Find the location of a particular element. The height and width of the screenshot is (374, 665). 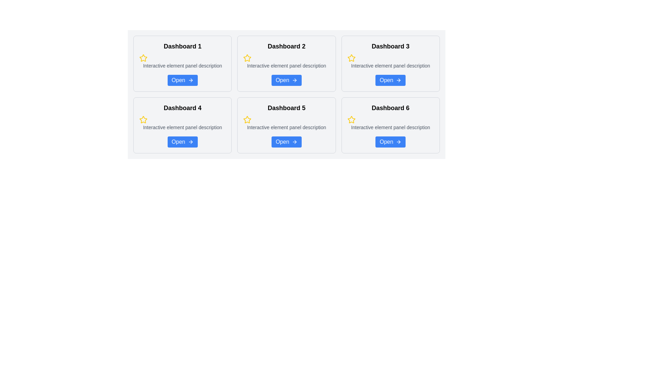

the blue 'Open' button with rounded edges located in the bottom section of the 'Dashboard 2' card is located at coordinates (286, 80).